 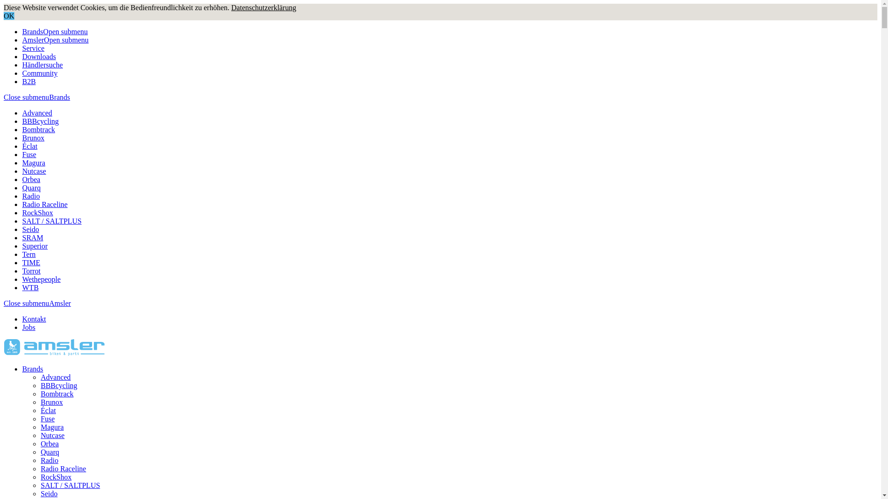 What do you see at coordinates (70, 485) in the screenshot?
I see `'SALT / SALTPLUS'` at bounding box center [70, 485].